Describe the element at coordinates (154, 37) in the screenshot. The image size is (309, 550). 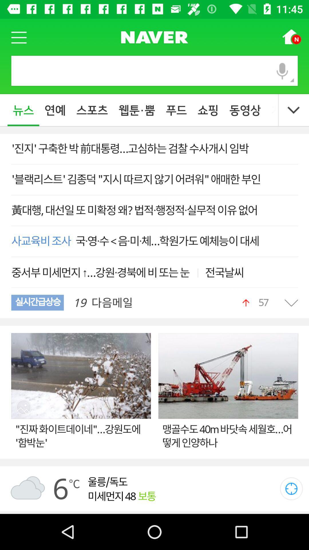
I see `the sliders icon` at that location.